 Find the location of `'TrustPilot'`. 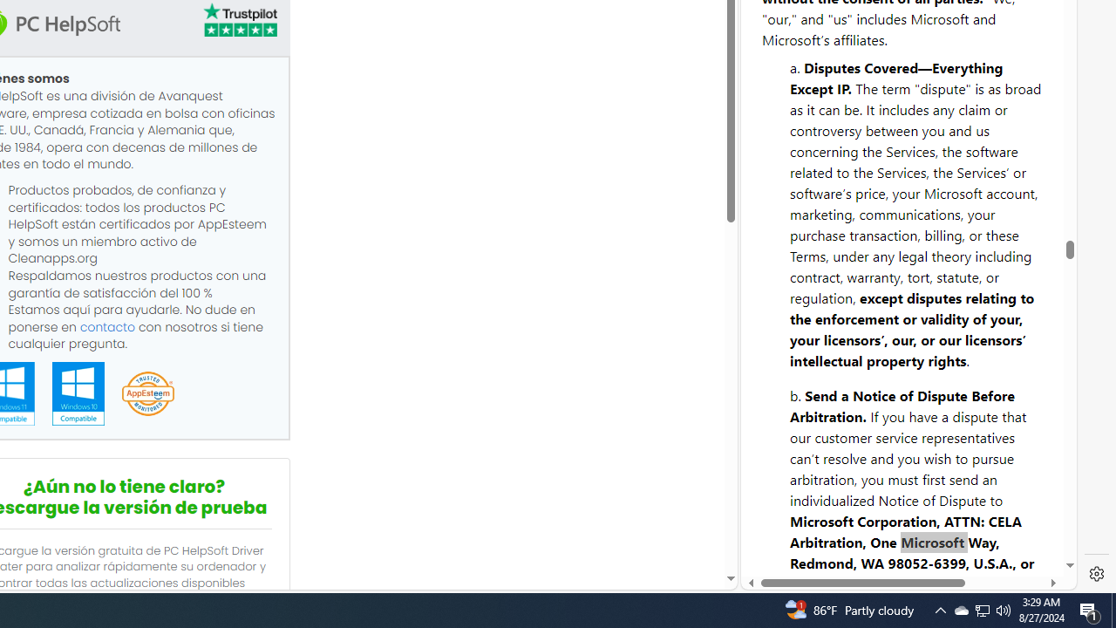

'TrustPilot' is located at coordinates (238, 20).